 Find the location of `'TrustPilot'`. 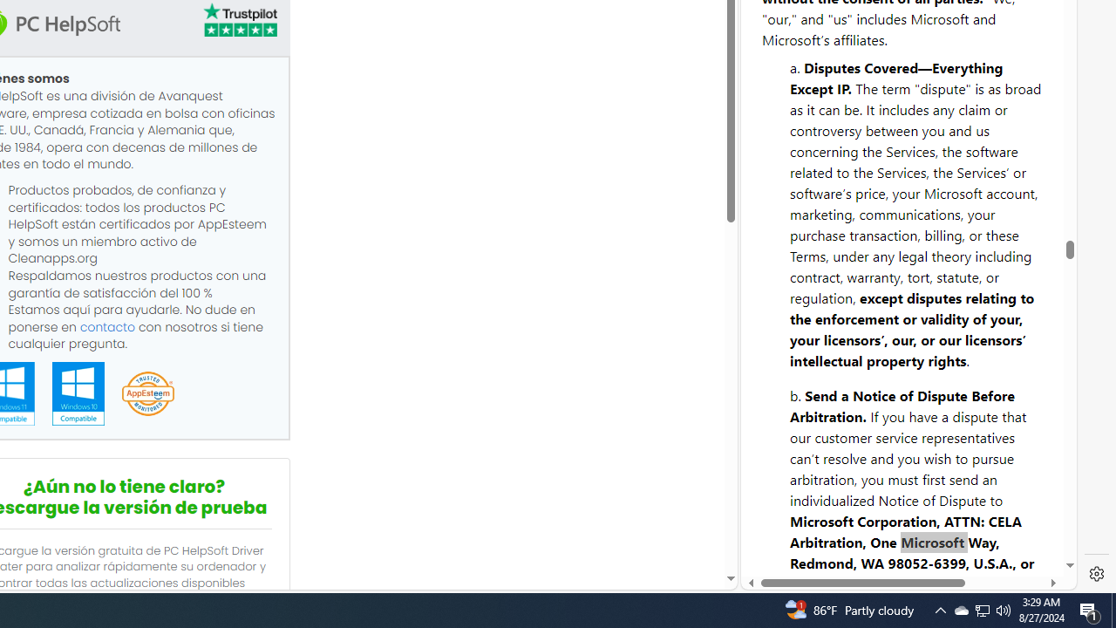

'TrustPilot' is located at coordinates (238, 20).